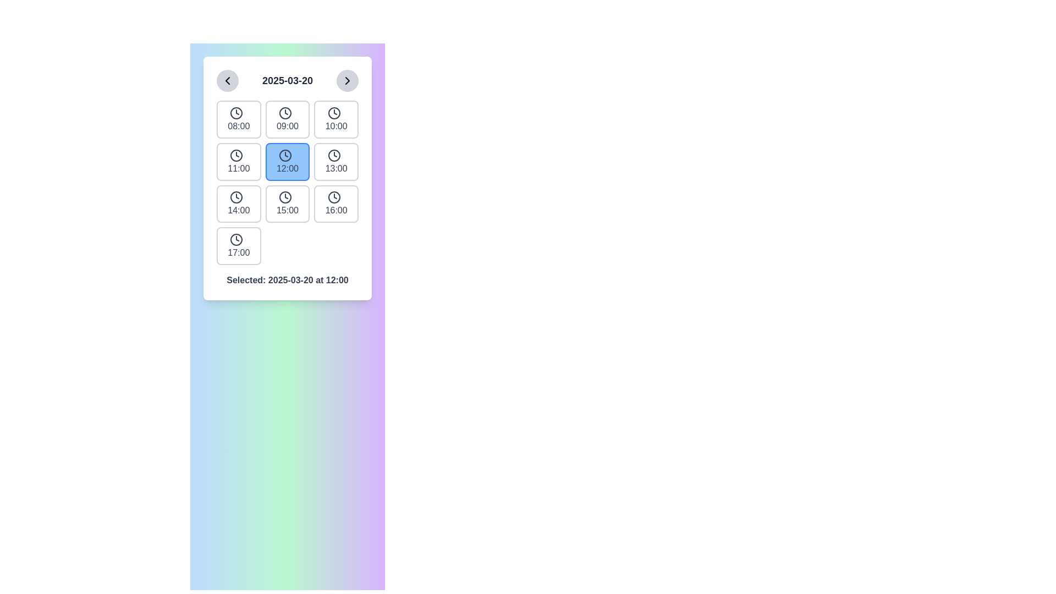  Describe the element at coordinates (288, 178) in the screenshot. I see `the time selection button displaying '12:00' with a blue background` at that location.